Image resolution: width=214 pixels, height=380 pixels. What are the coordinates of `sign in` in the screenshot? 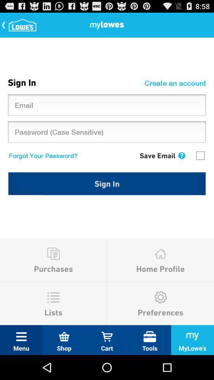 It's located at (107, 183).